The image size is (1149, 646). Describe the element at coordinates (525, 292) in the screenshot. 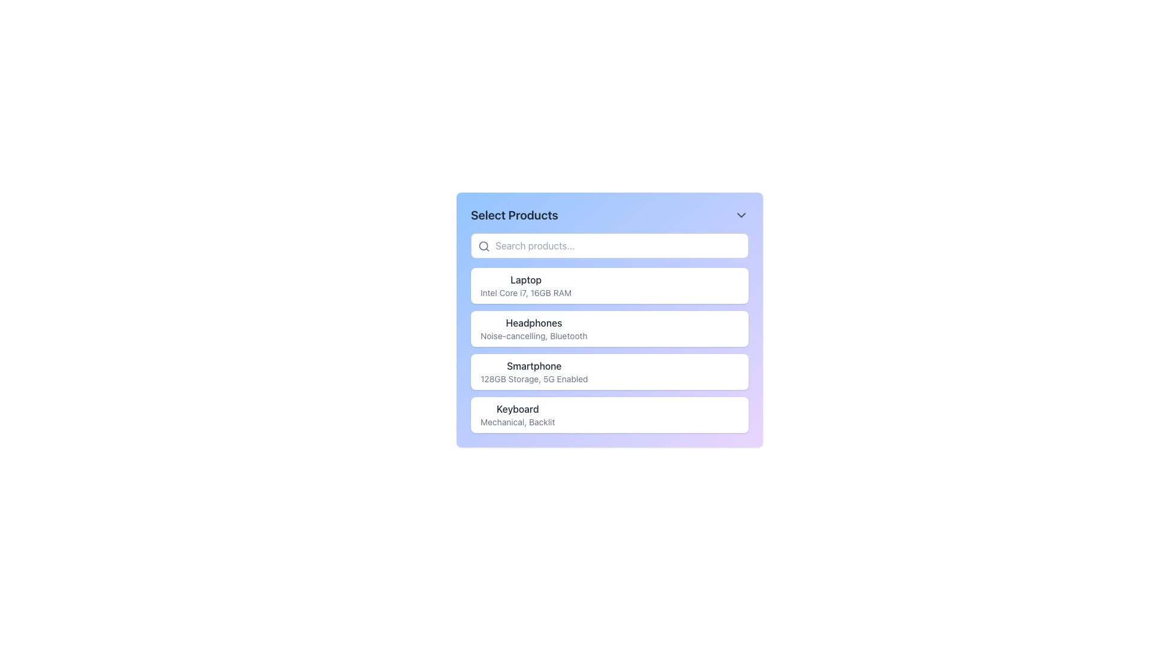

I see `the descriptive text element located below the 'Laptop' title in the first row of the vertically stacked list, which provides technical details about the product` at that location.